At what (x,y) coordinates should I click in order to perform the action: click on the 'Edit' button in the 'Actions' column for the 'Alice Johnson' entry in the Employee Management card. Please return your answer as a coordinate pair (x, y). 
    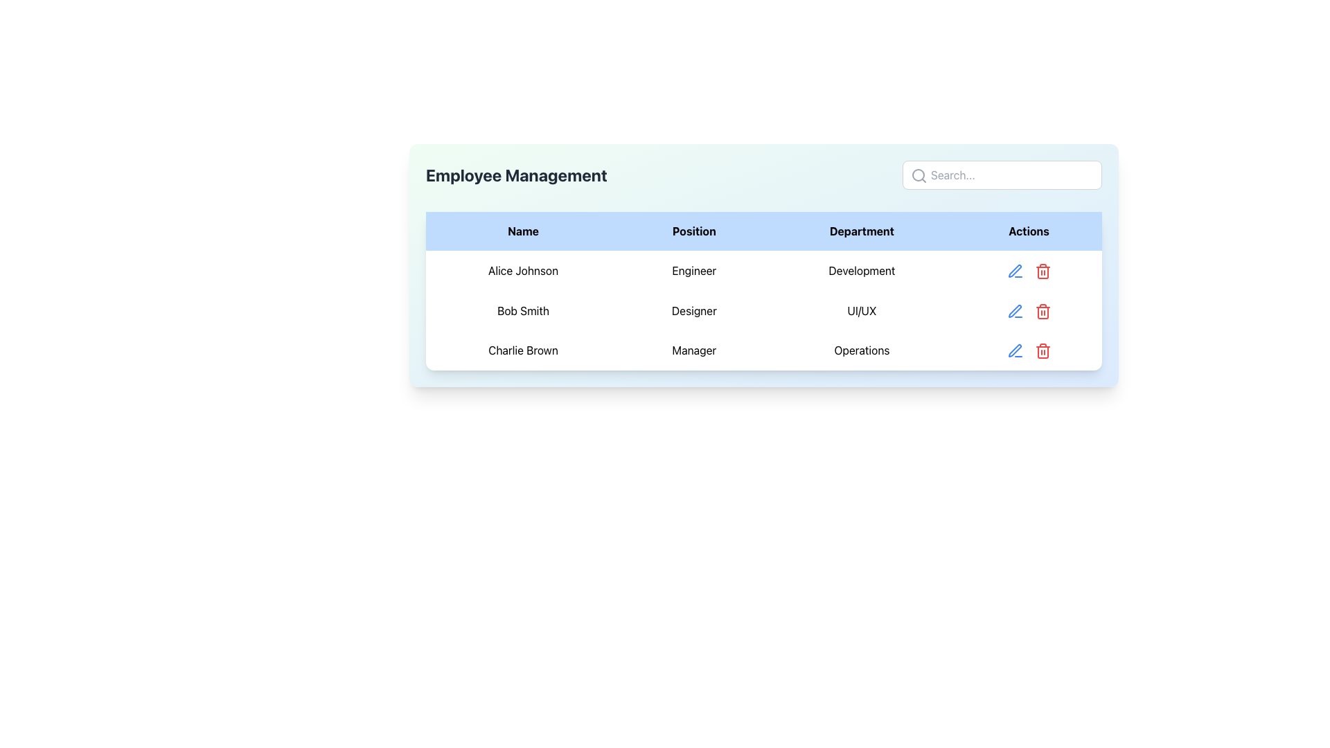
    Looking at the image, I should click on (1015, 270).